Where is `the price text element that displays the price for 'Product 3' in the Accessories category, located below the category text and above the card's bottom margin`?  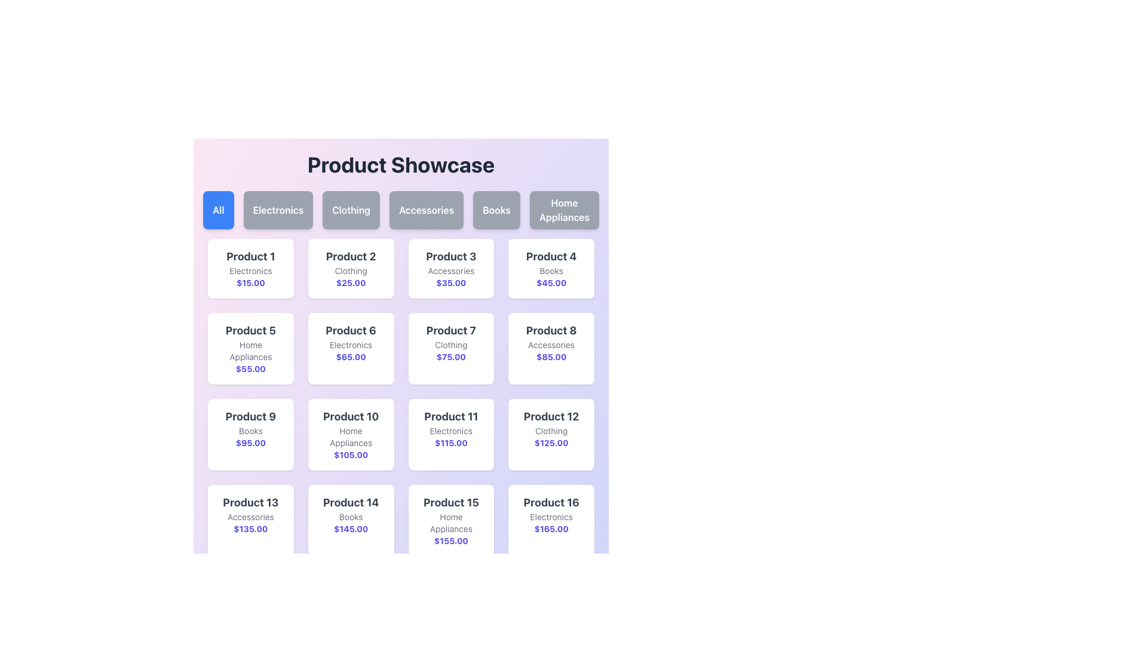 the price text element that displays the price for 'Product 3' in the Accessories category, located below the category text and above the card's bottom margin is located at coordinates (450, 283).